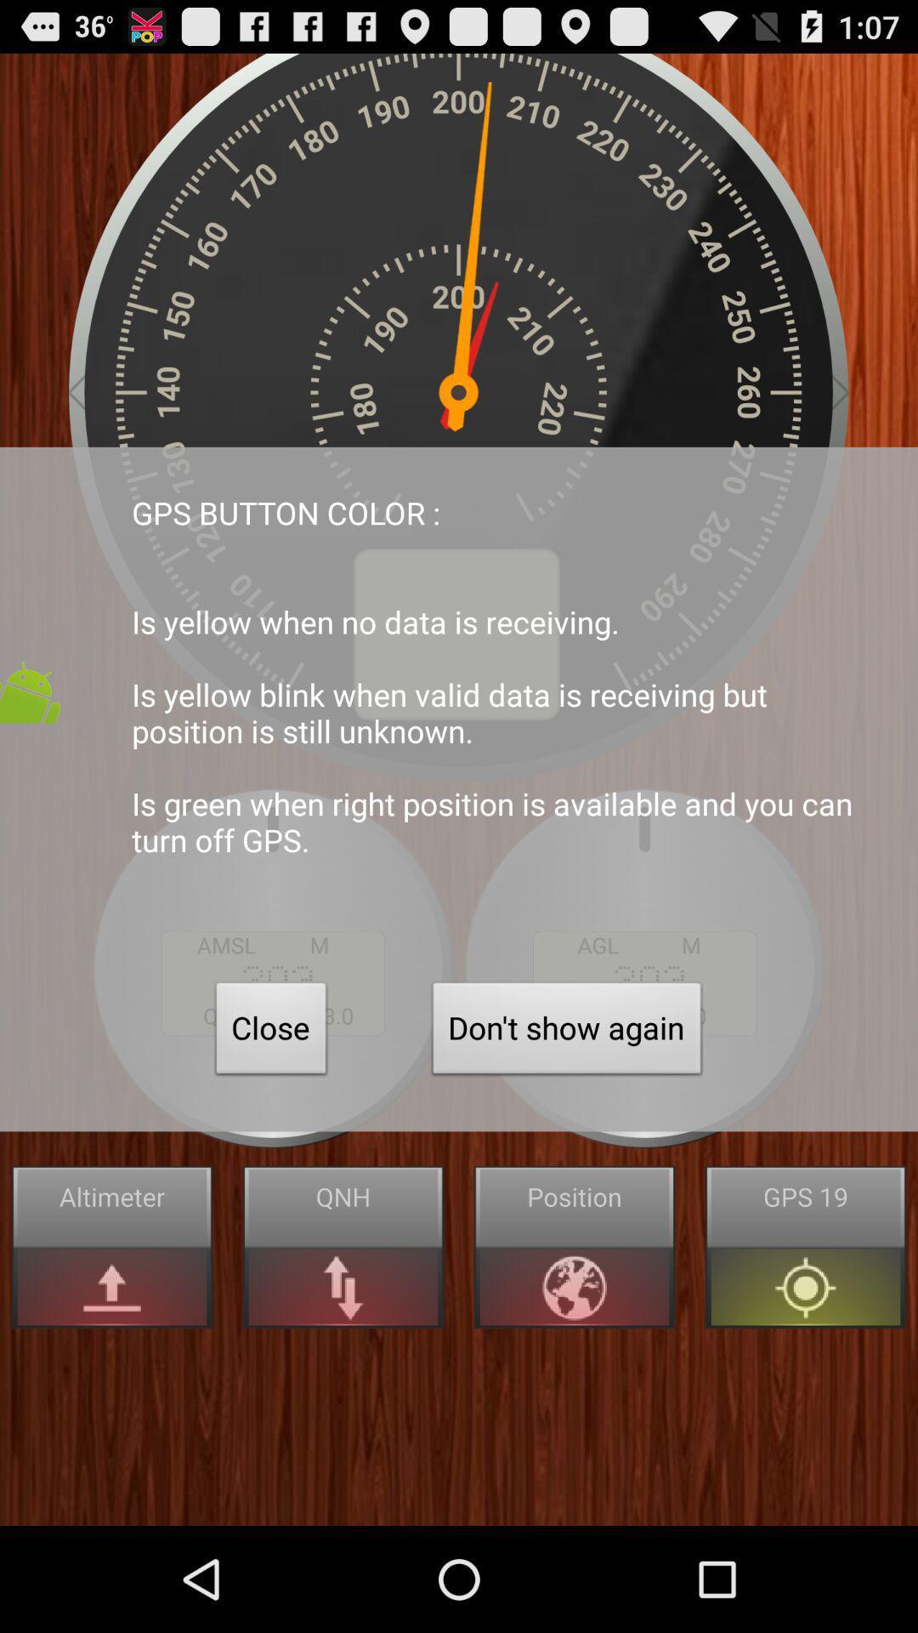 Image resolution: width=918 pixels, height=1633 pixels. What do you see at coordinates (270, 1032) in the screenshot?
I see `close item` at bounding box center [270, 1032].